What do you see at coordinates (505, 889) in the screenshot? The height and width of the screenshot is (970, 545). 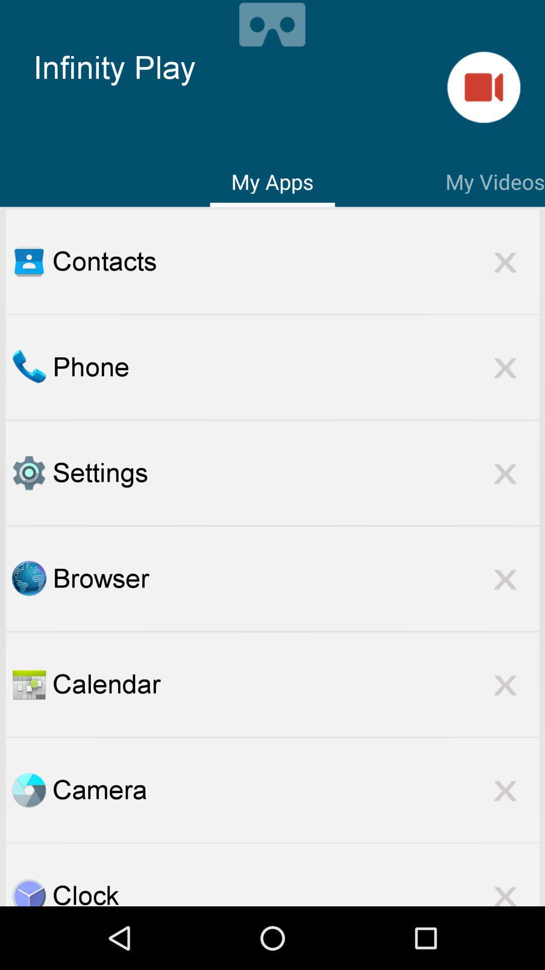 I see `go do coulsed` at bounding box center [505, 889].